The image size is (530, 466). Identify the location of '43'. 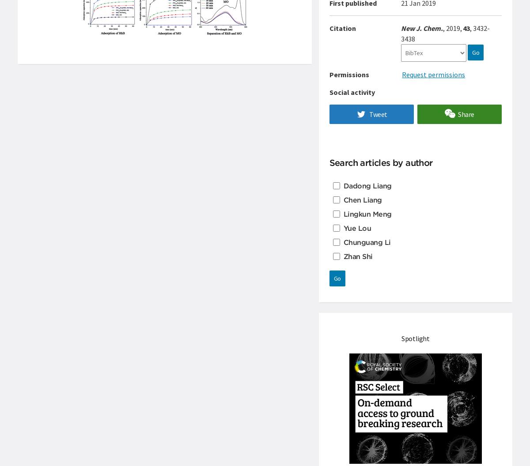
(466, 28).